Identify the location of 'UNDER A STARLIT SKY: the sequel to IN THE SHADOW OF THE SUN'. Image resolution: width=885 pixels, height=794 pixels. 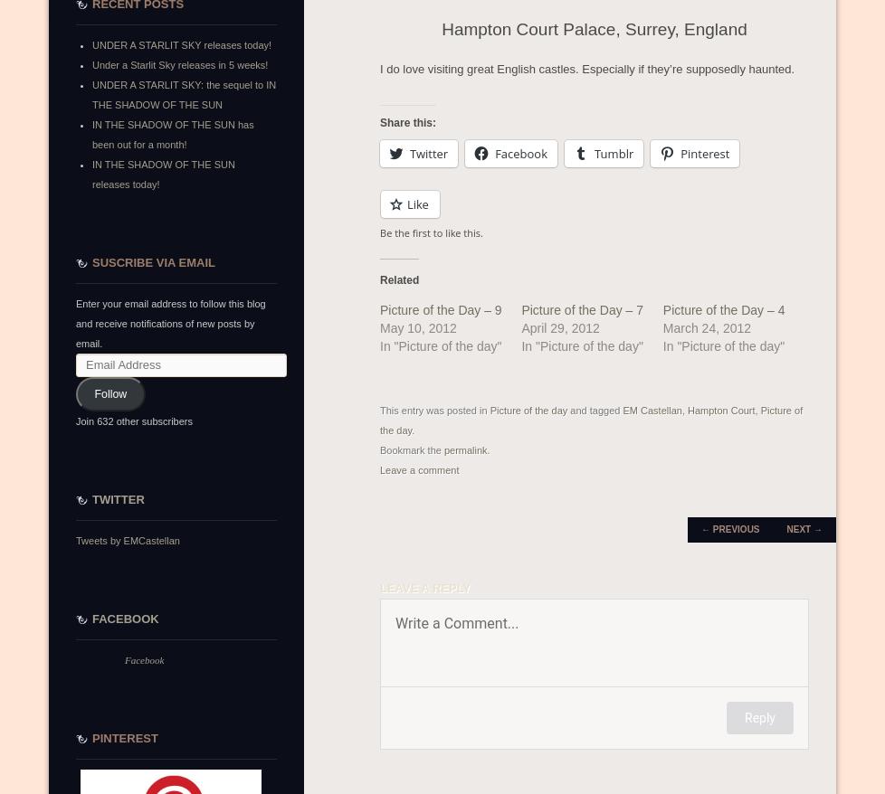
(184, 93).